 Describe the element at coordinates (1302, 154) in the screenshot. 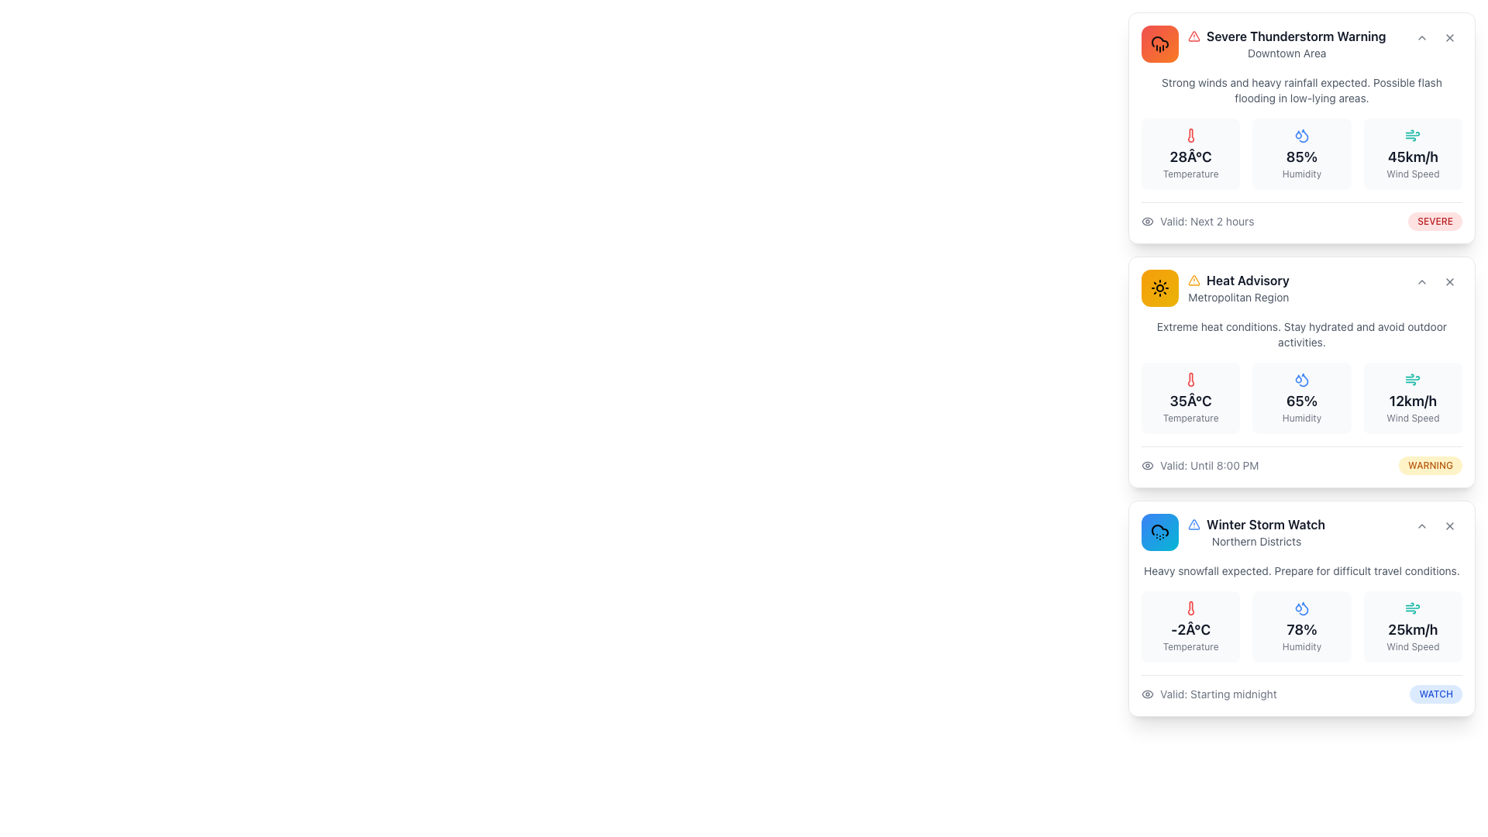

I see `displayed humidity level percentage from the middle card in the three-column weather metrics grid, located between the Temperature and Wind Speed cards` at that location.